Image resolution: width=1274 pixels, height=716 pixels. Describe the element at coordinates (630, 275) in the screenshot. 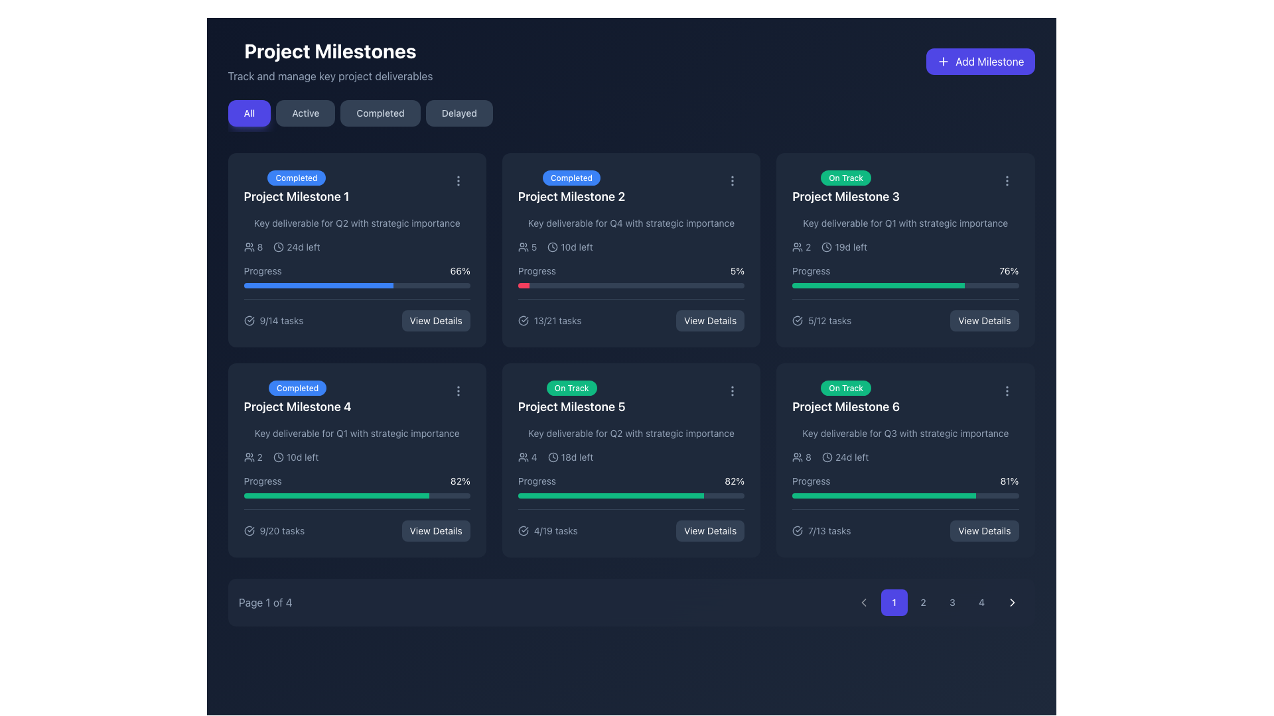

I see `the Progress bar with textual percentage indicator that shows a 5% completion, located within the 'Project Milestone 2' card` at that location.